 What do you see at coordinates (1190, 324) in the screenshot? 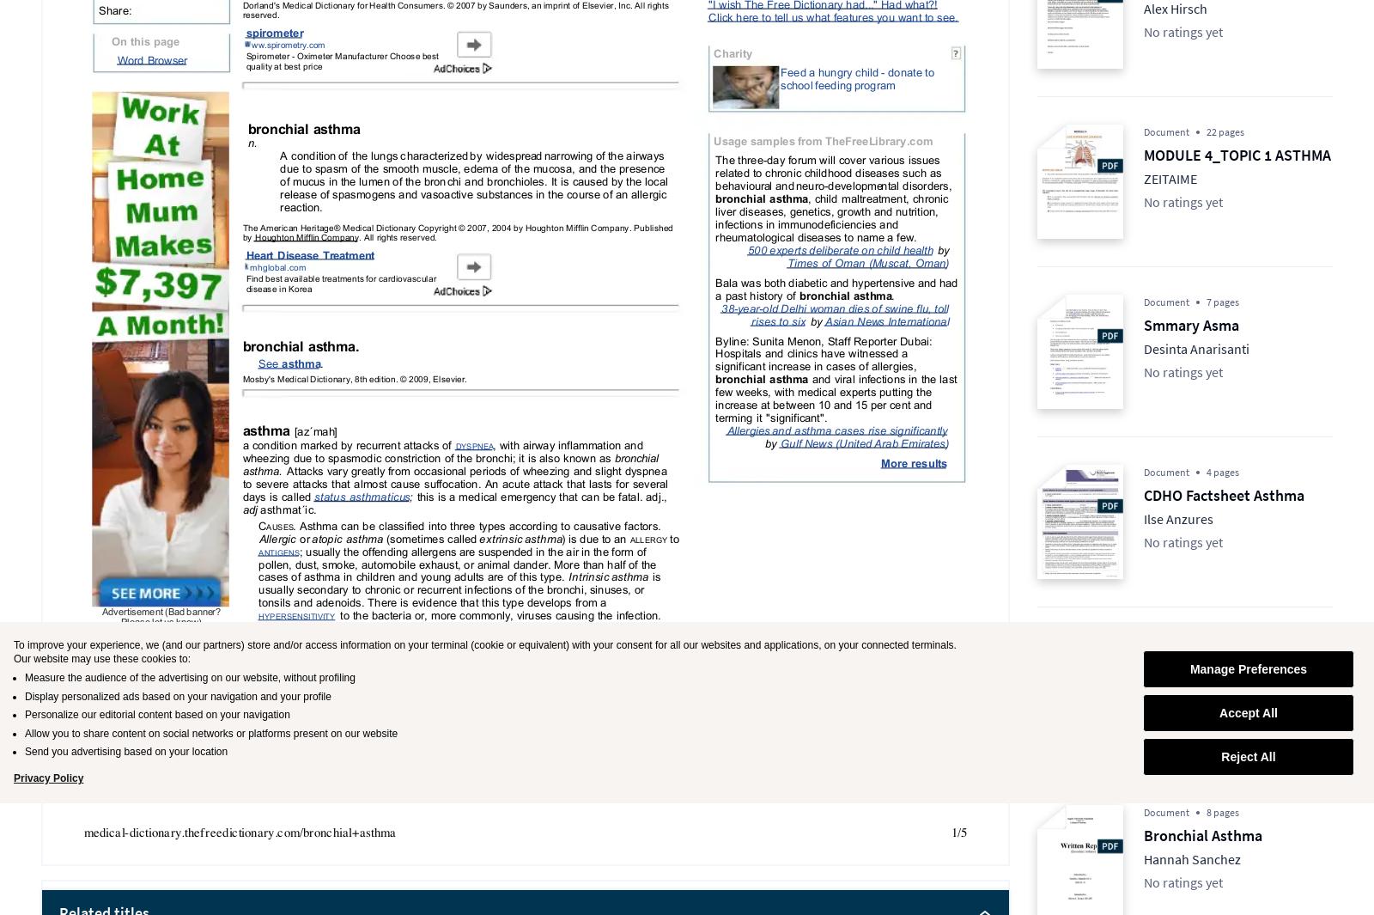
I see `'Smmary Asma'` at bounding box center [1190, 324].